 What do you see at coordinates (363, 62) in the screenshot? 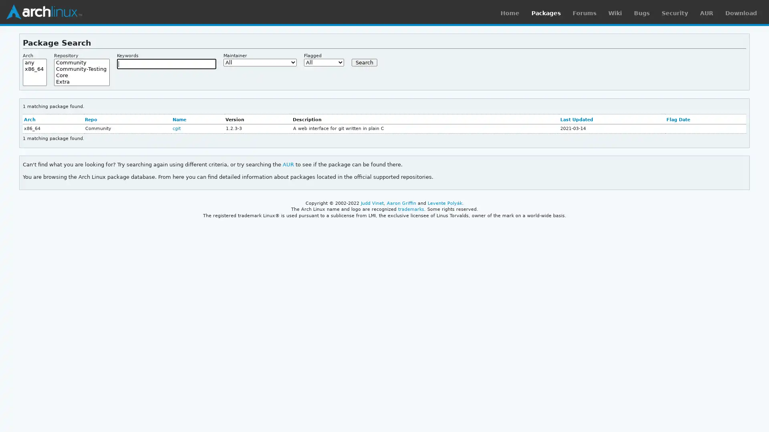
I see `Search` at bounding box center [363, 62].